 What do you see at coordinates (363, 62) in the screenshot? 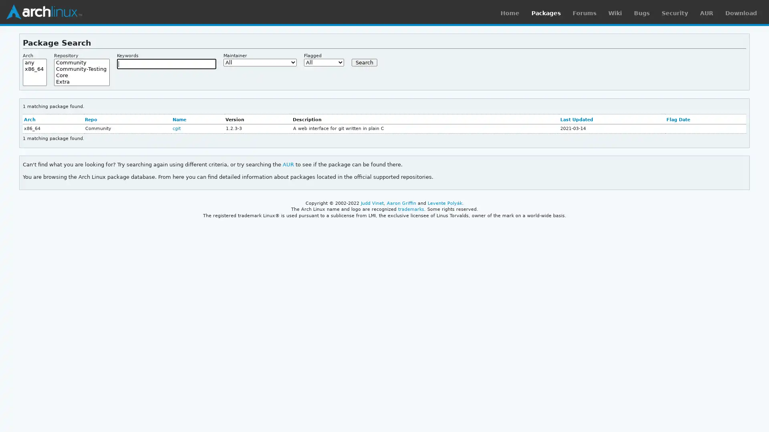
I see `Search` at bounding box center [363, 62].